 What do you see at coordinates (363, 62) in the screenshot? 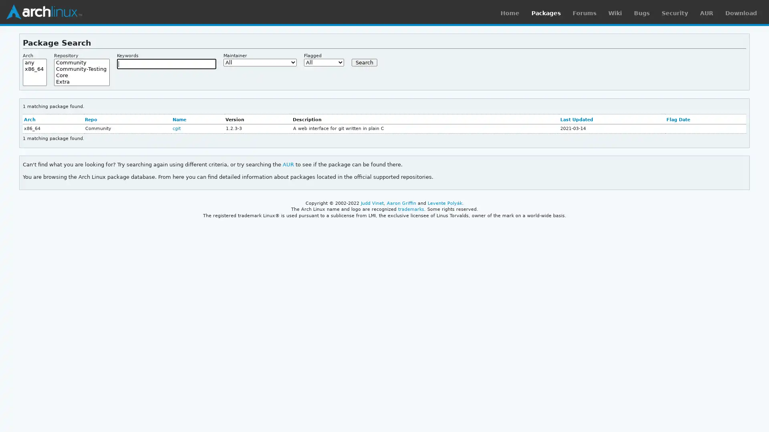
I see `Search` at bounding box center [363, 62].